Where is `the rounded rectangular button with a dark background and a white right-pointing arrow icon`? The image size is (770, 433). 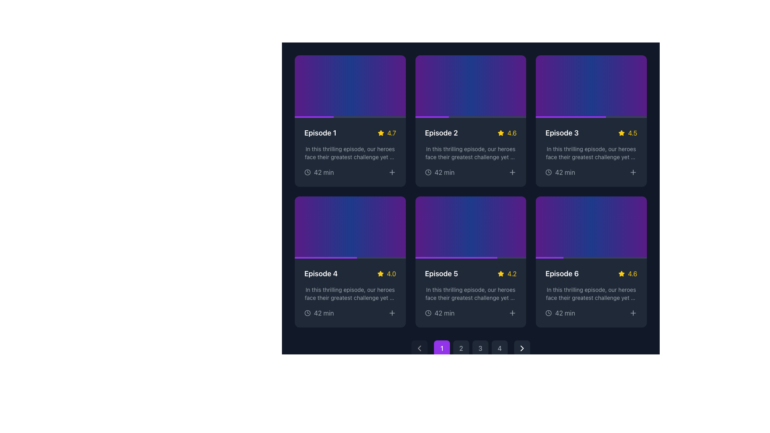
the rounded rectangular button with a dark background and a white right-pointing arrow icon is located at coordinates (522, 348).